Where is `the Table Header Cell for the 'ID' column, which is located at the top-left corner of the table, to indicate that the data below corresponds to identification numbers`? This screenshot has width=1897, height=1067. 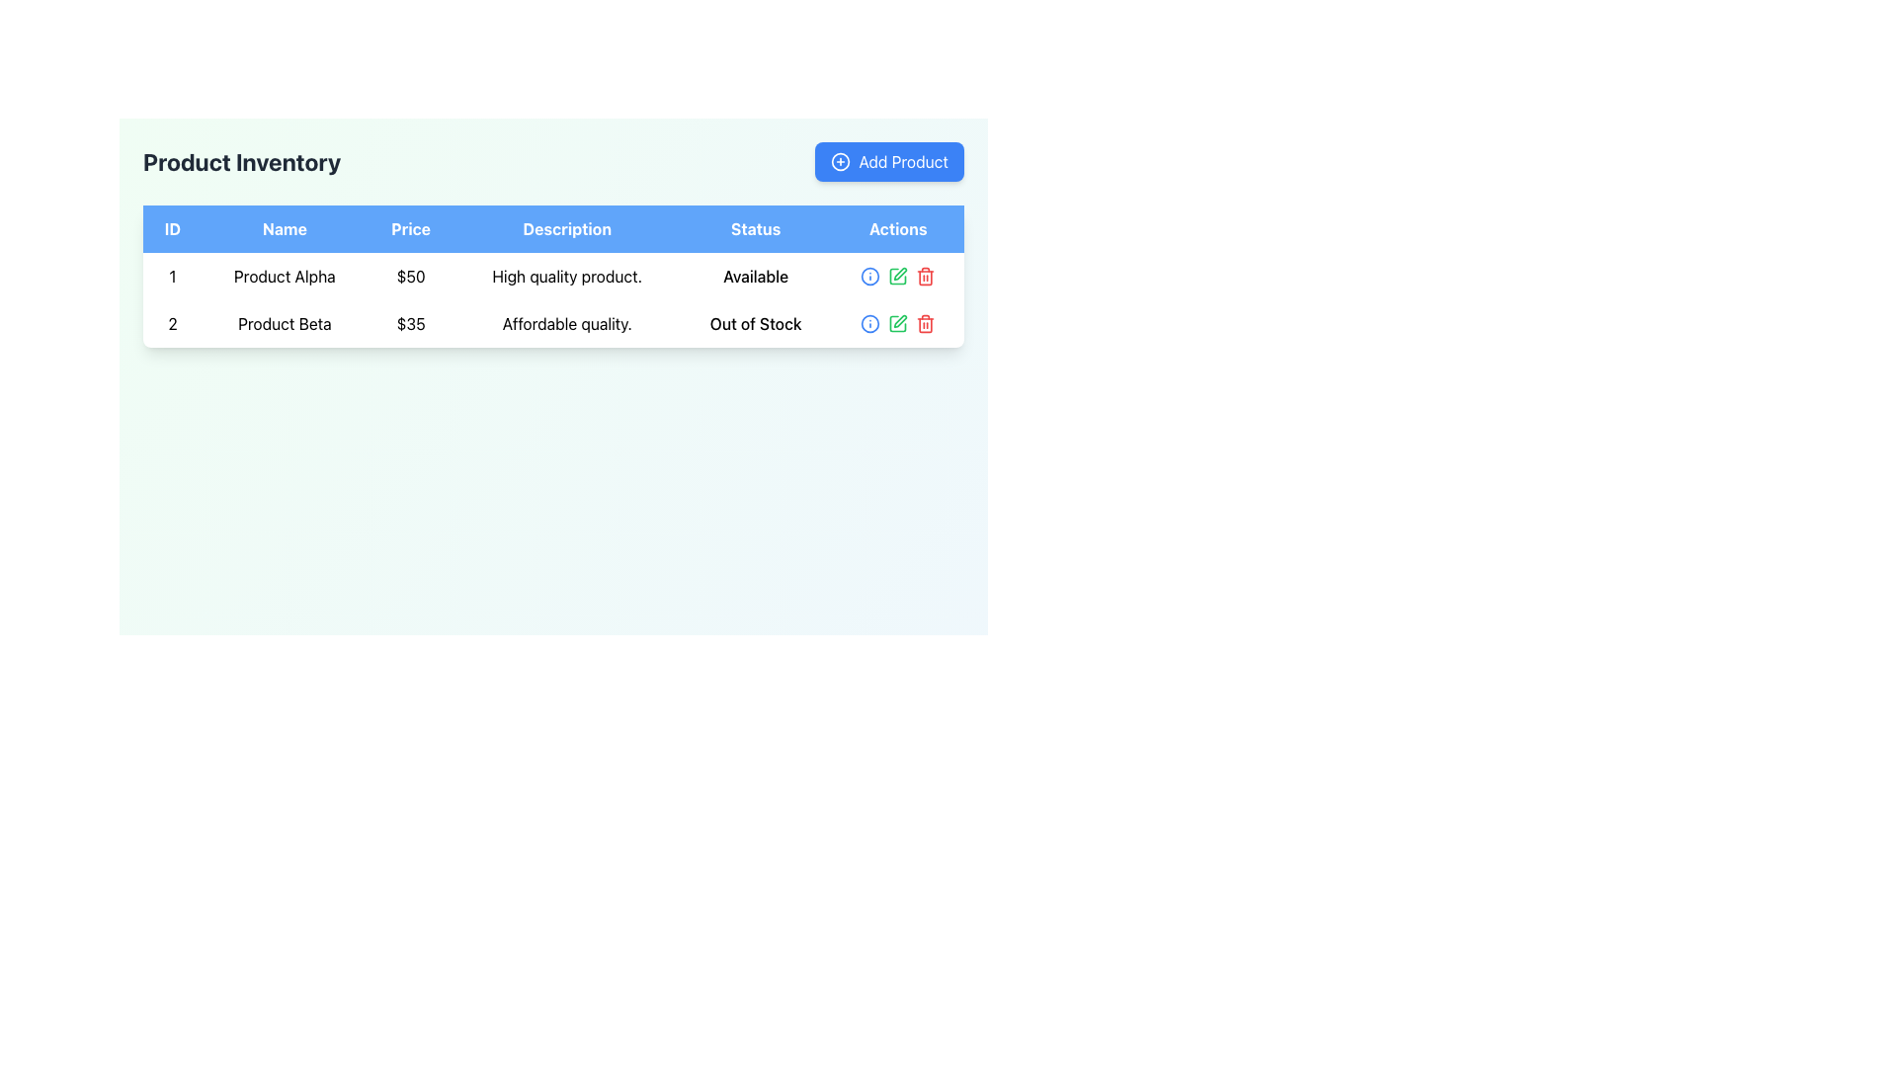 the Table Header Cell for the 'ID' column, which is located at the top-left corner of the table, to indicate that the data below corresponds to identification numbers is located at coordinates (172, 227).